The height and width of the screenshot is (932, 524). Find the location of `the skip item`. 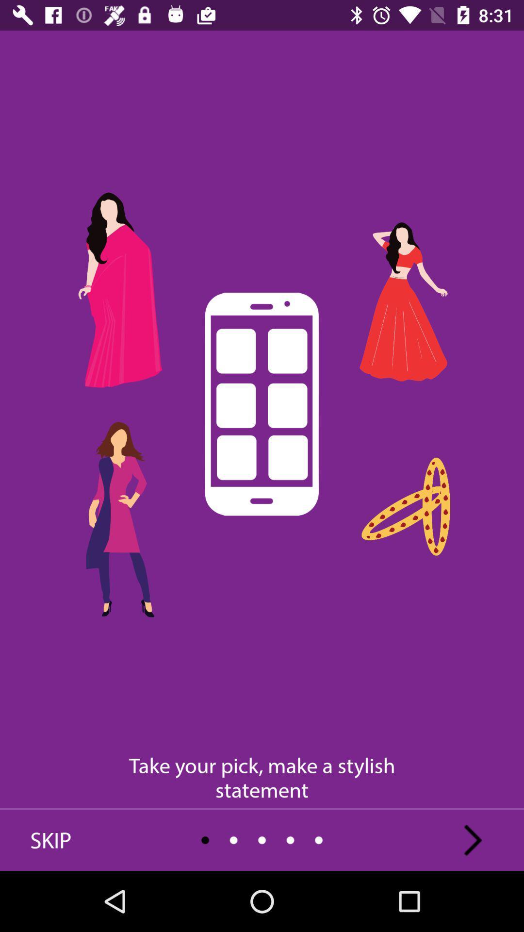

the skip item is located at coordinates (50, 840).